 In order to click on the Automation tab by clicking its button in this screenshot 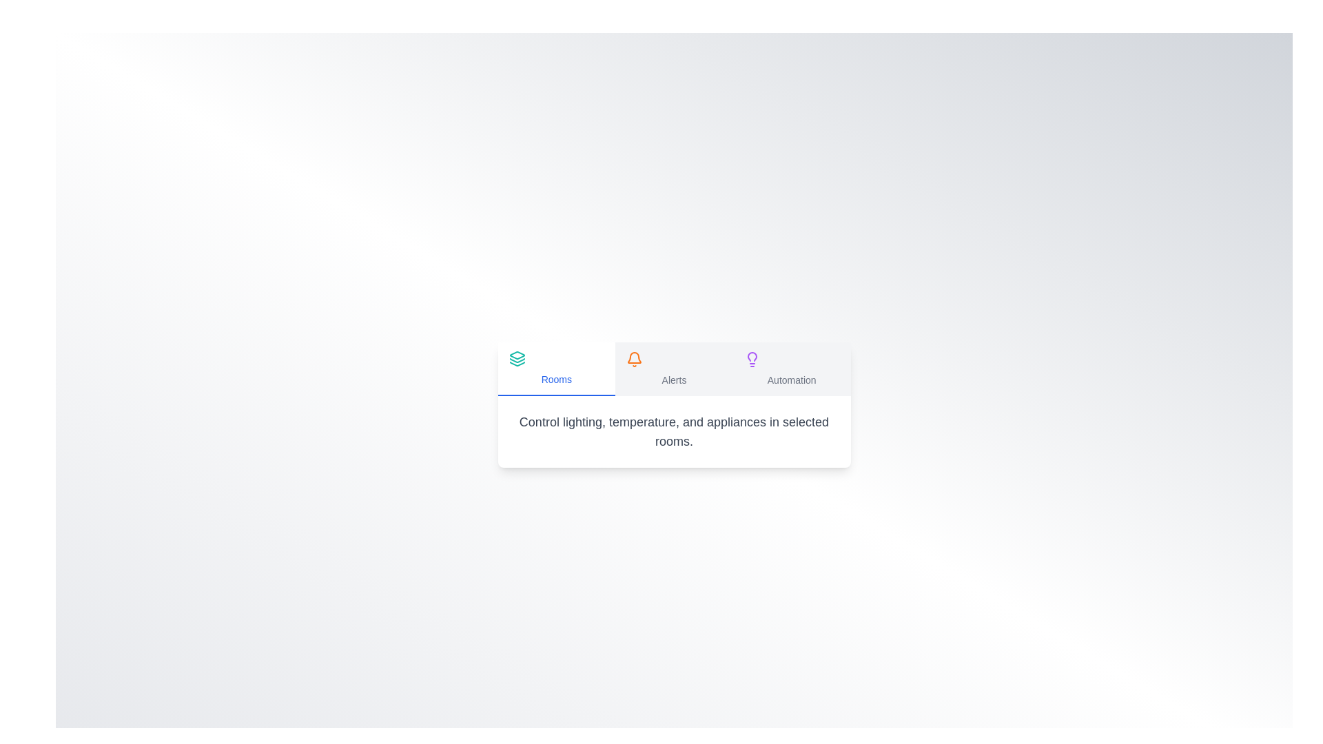, I will do `click(792, 369)`.